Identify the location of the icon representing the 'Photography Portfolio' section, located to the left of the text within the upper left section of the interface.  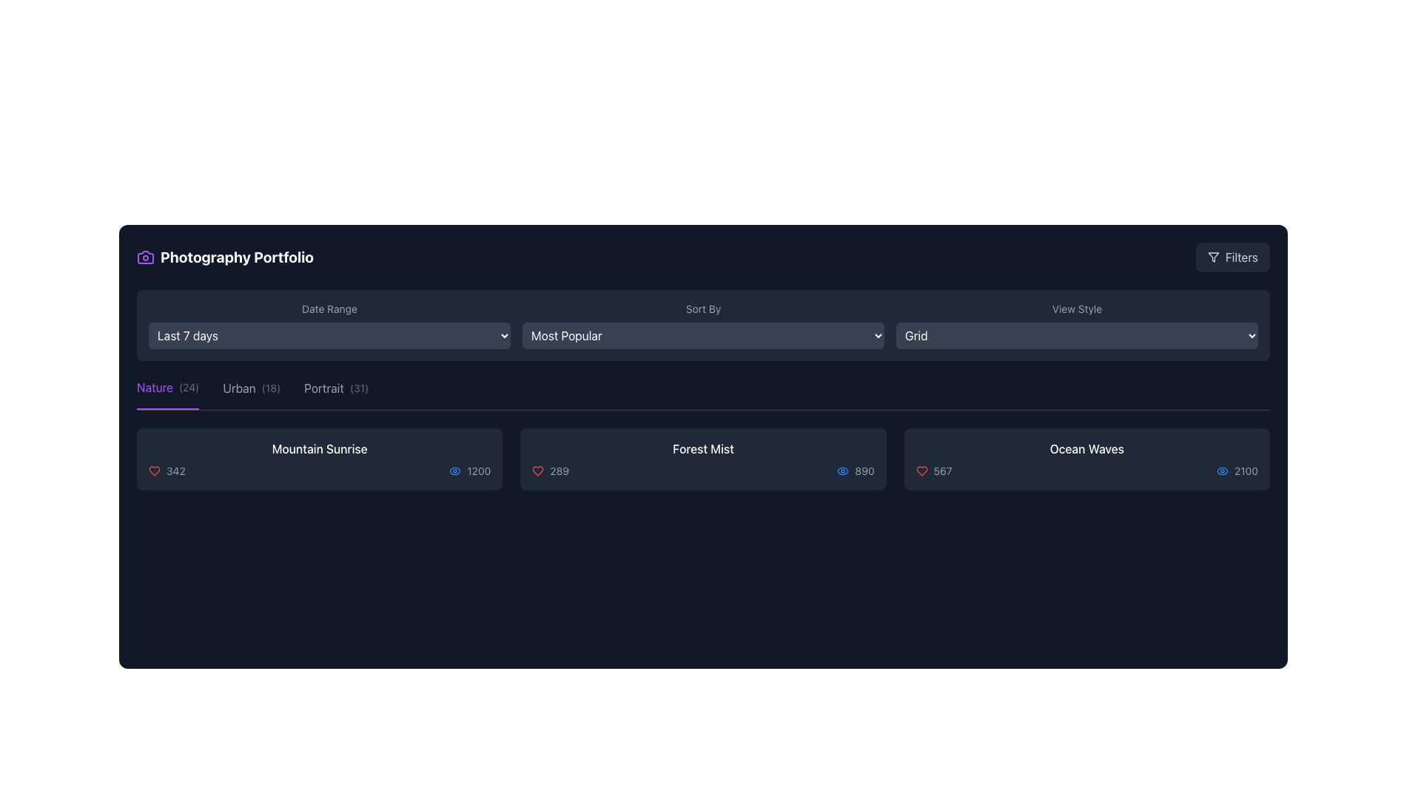
(145, 256).